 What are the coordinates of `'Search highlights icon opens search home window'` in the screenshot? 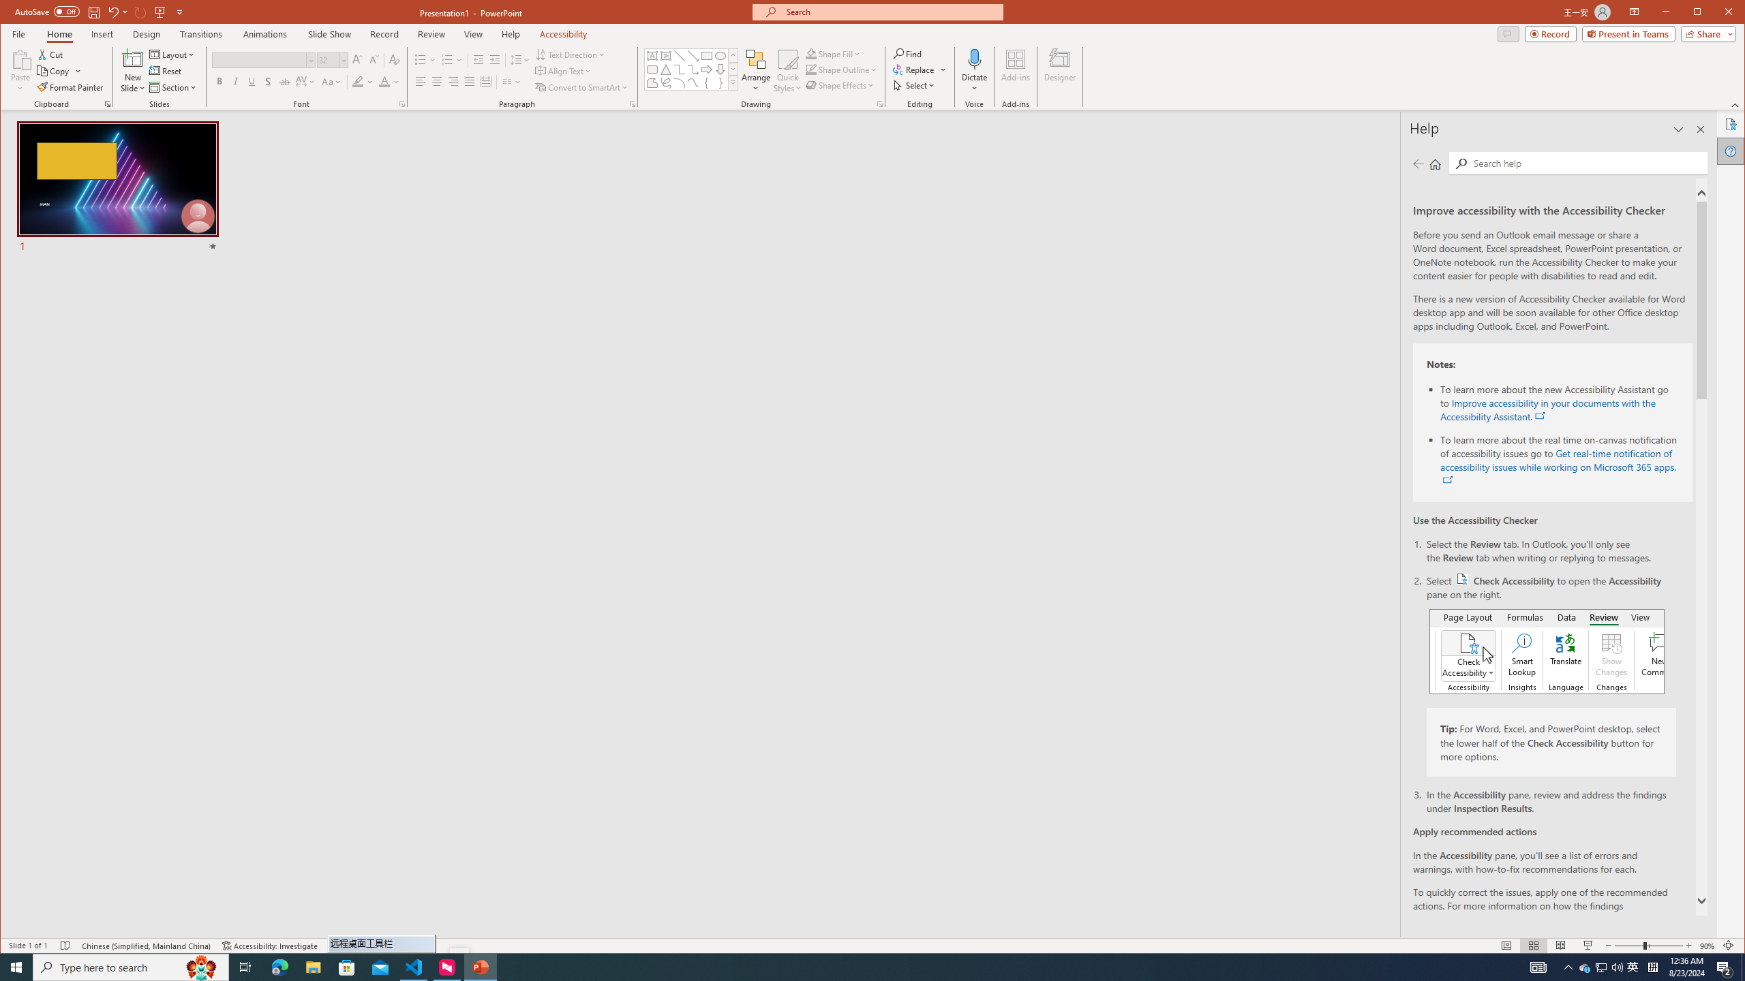 It's located at (200, 966).